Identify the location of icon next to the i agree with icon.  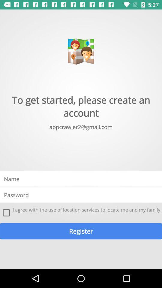
(6, 213).